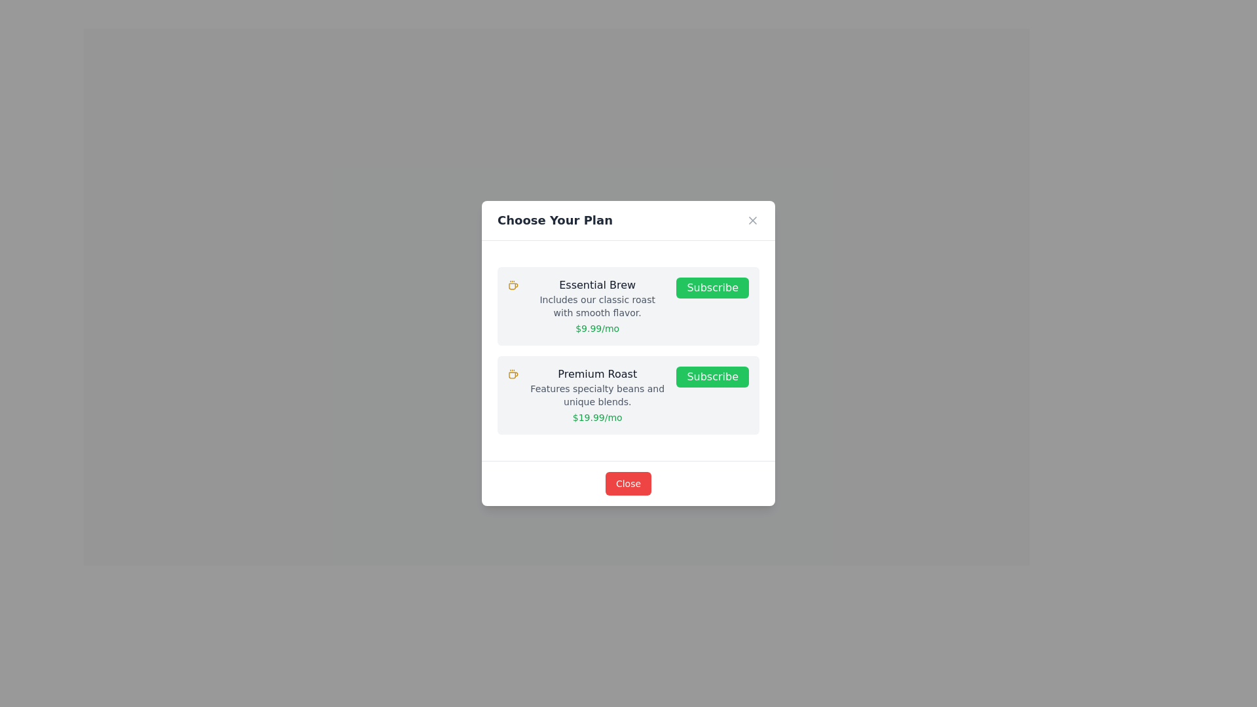  What do you see at coordinates (596, 327) in the screenshot?
I see `the text displaying '$9.99/mo' in green color located at the bottom of the 'Essential Brew' section in the dialog box` at bounding box center [596, 327].